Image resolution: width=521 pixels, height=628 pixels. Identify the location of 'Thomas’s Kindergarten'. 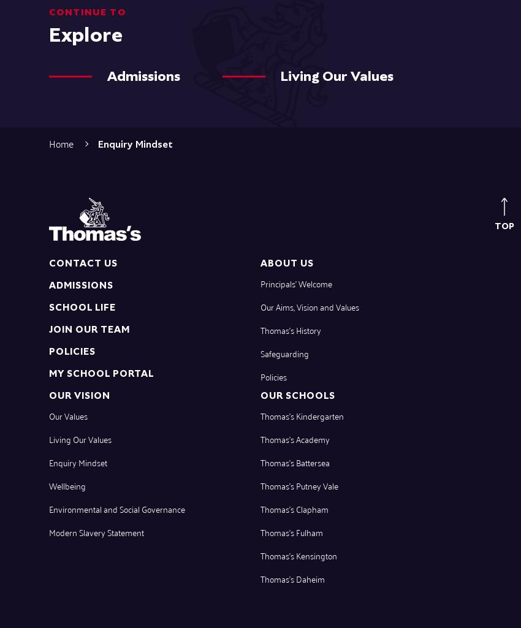
(302, 415).